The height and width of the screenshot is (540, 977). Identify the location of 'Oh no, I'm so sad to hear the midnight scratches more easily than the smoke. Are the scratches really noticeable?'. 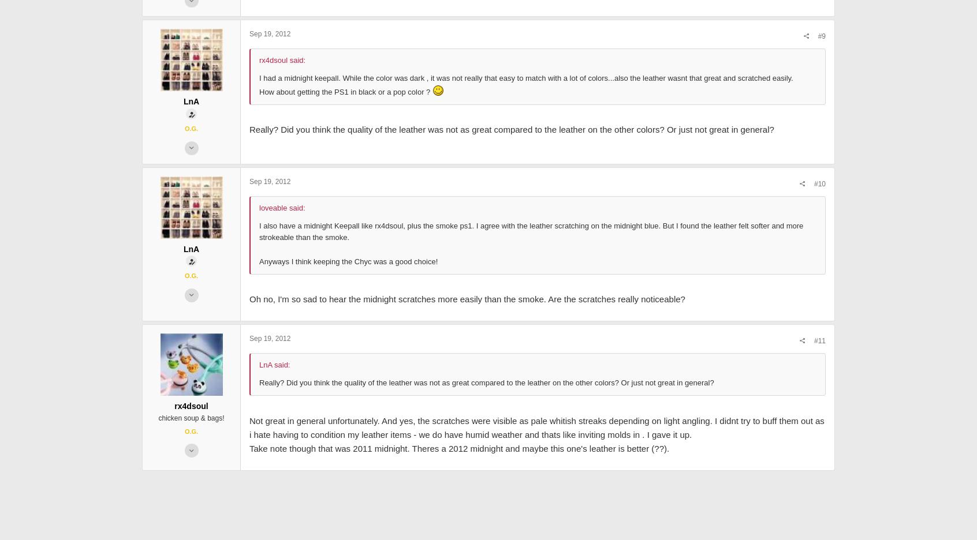
(443, 401).